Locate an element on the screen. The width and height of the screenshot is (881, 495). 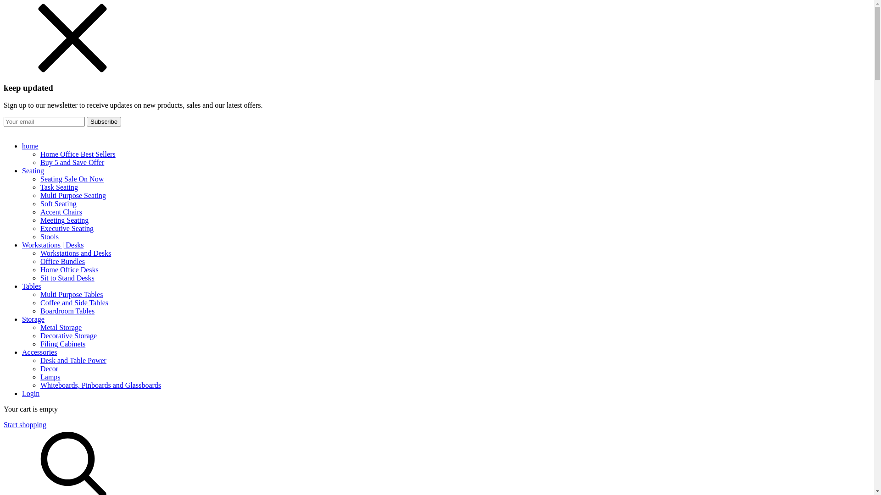
'Decor' is located at coordinates (49, 368).